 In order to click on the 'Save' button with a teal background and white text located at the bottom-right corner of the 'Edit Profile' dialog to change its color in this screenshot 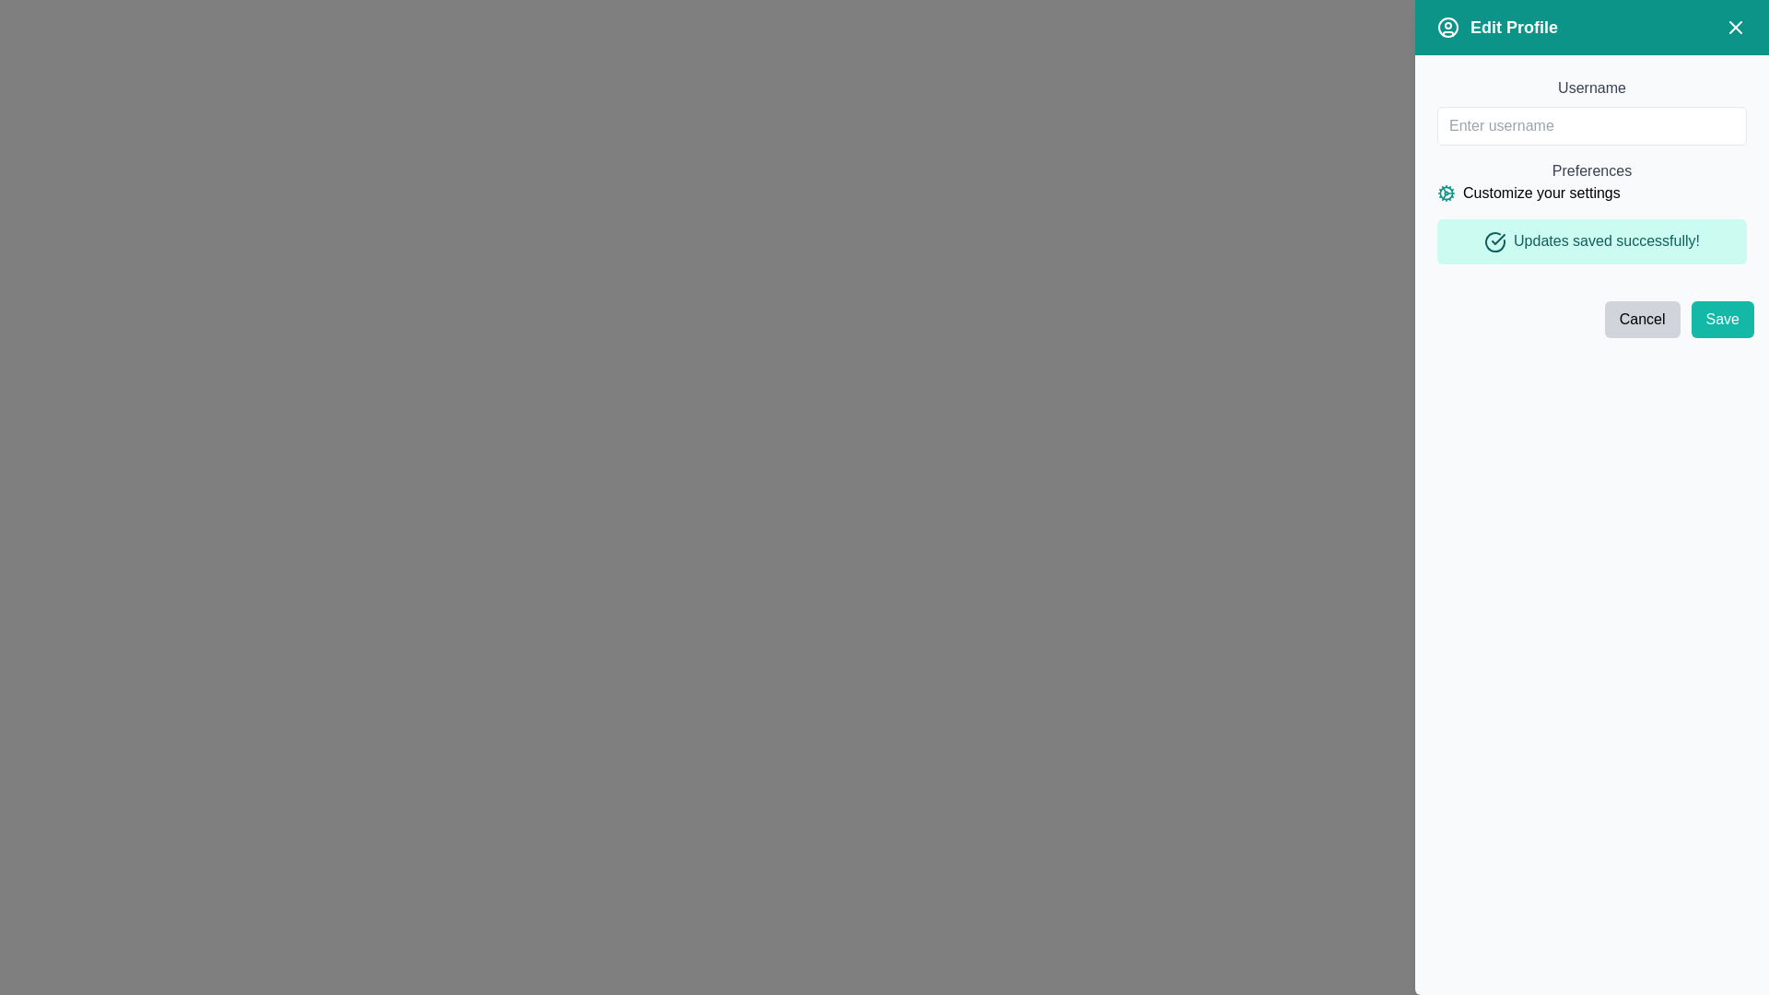, I will do `click(1721, 318)`.